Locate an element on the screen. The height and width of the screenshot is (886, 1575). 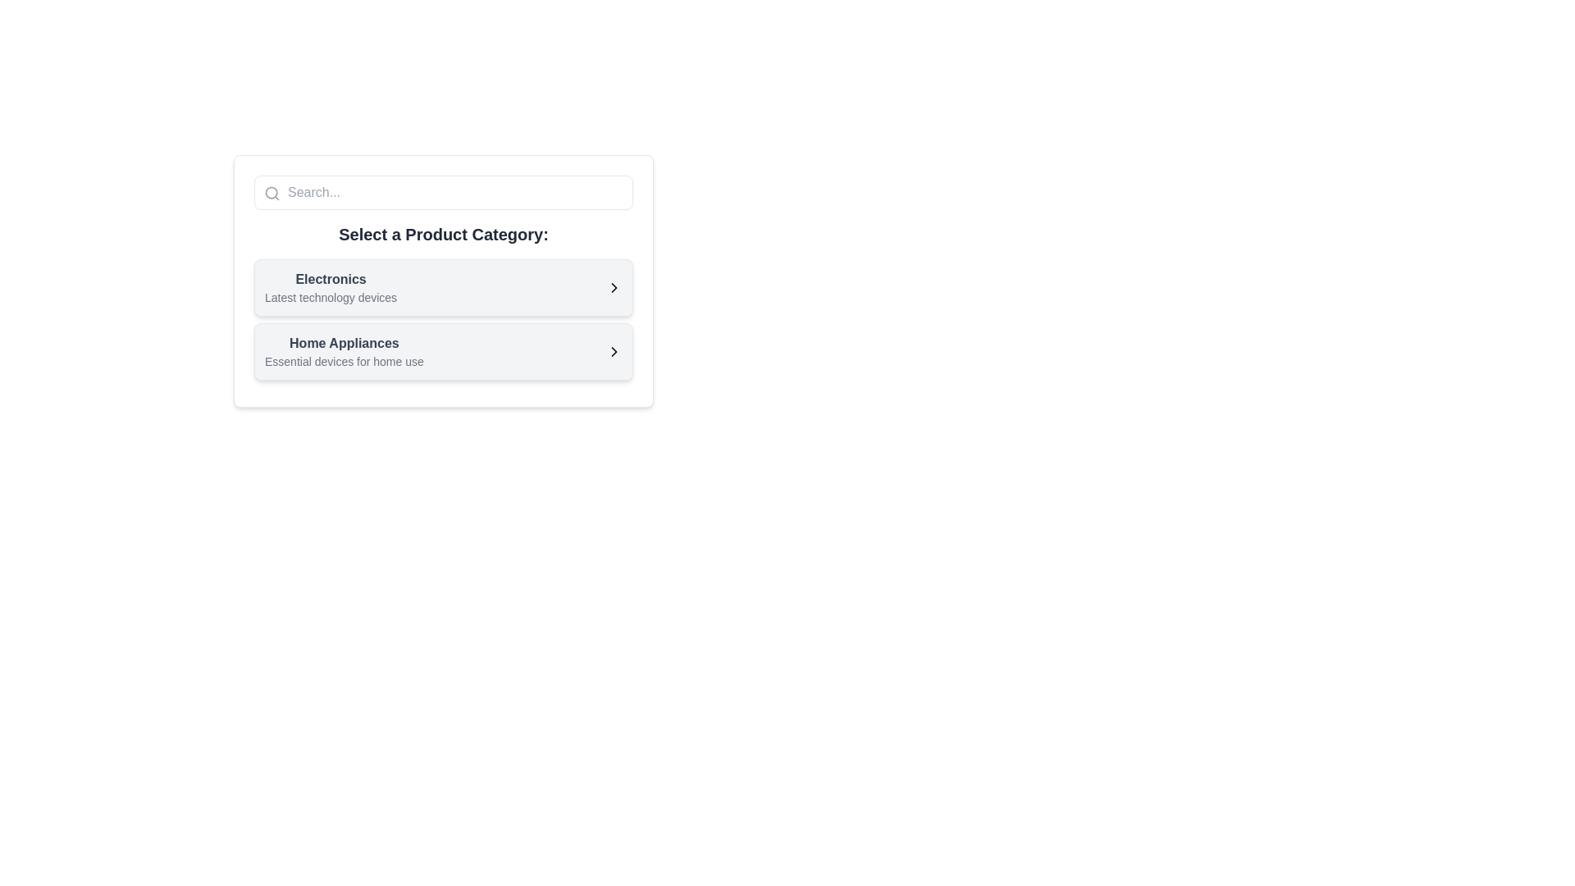
the 'Home Appliances' text block within the menu option is located at coordinates (343, 350).